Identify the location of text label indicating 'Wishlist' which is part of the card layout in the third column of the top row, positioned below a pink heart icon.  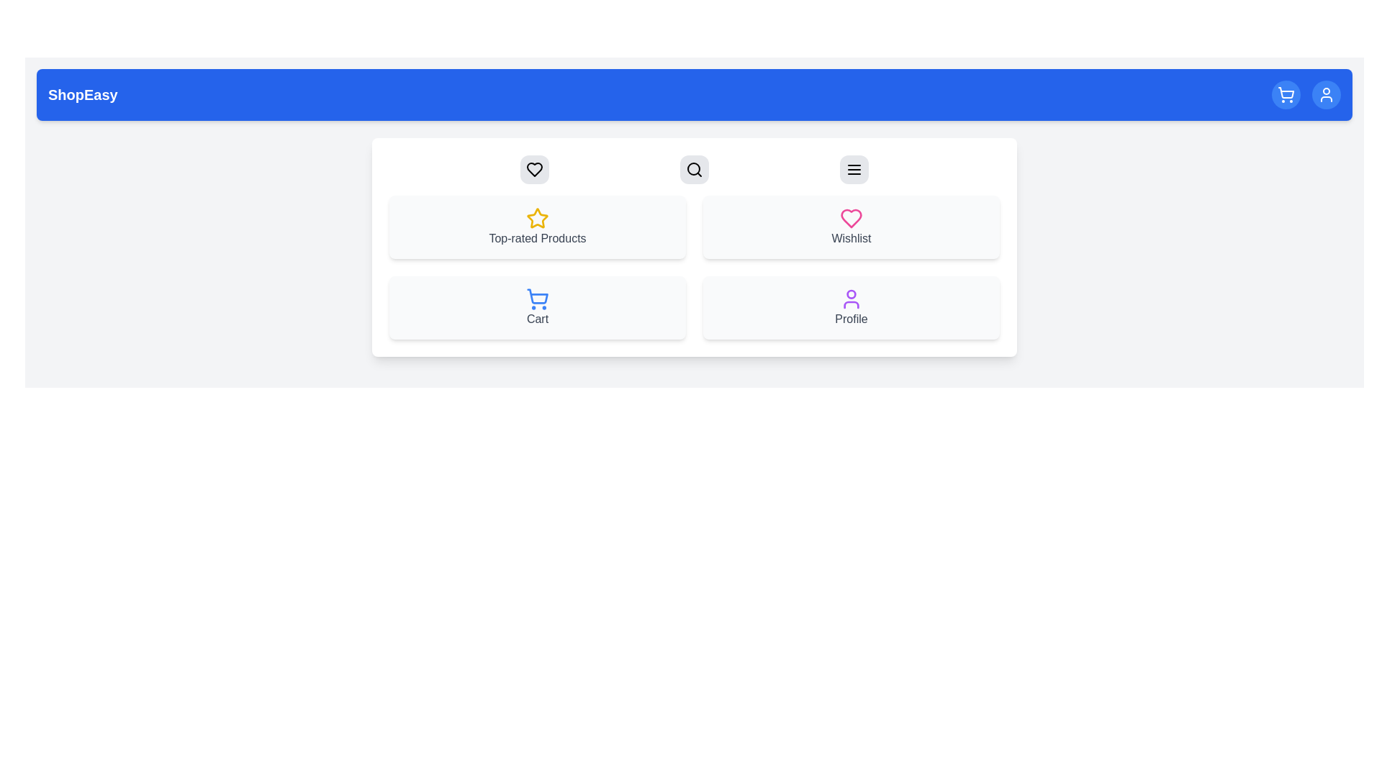
(851, 237).